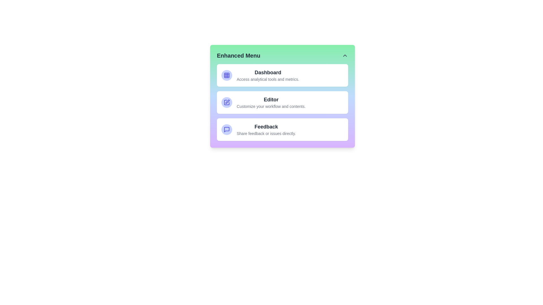 Image resolution: width=543 pixels, height=305 pixels. What do you see at coordinates (282, 102) in the screenshot?
I see `the menu item corresponding to Editor` at bounding box center [282, 102].